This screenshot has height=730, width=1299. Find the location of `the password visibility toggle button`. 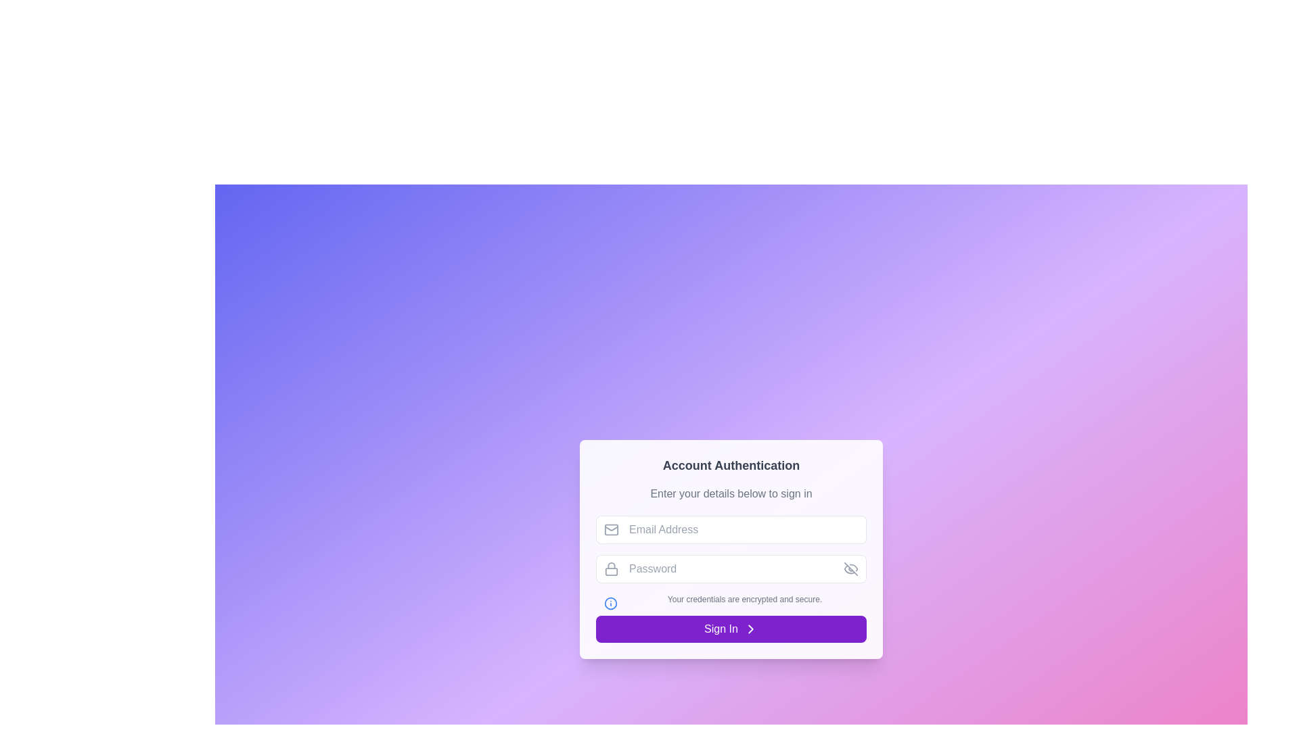

the password visibility toggle button is located at coordinates (850, 568).